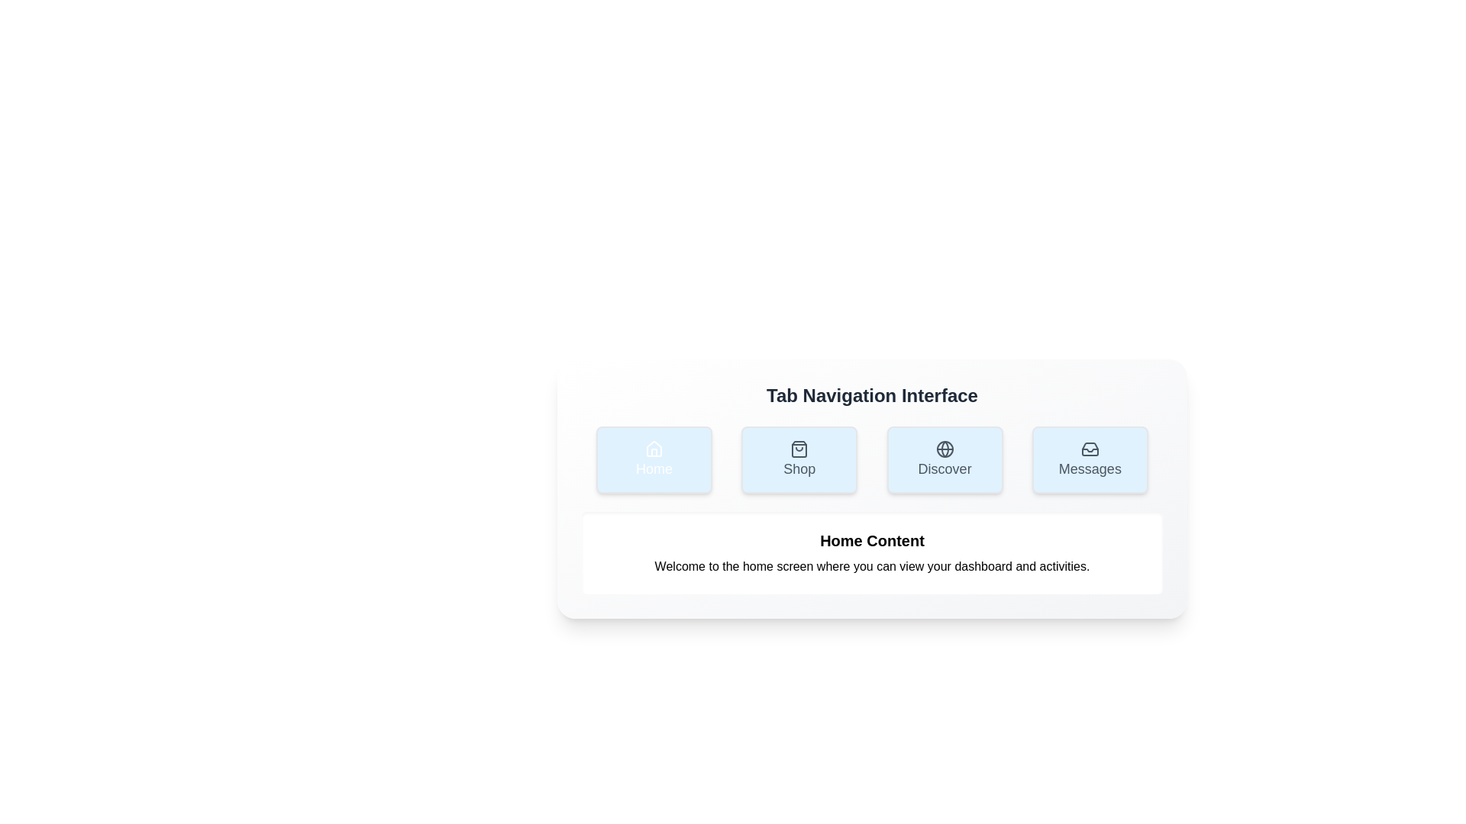  What do you see at coordinates (1089, 468) in the screenshot?
I see `the text element inside the fourth button of the horizontal navigation bar, which indicates the purpose of the button for navigating to or retrieving messages, located to the right of the 'Discover' button` at bounding box center [1089, 468].